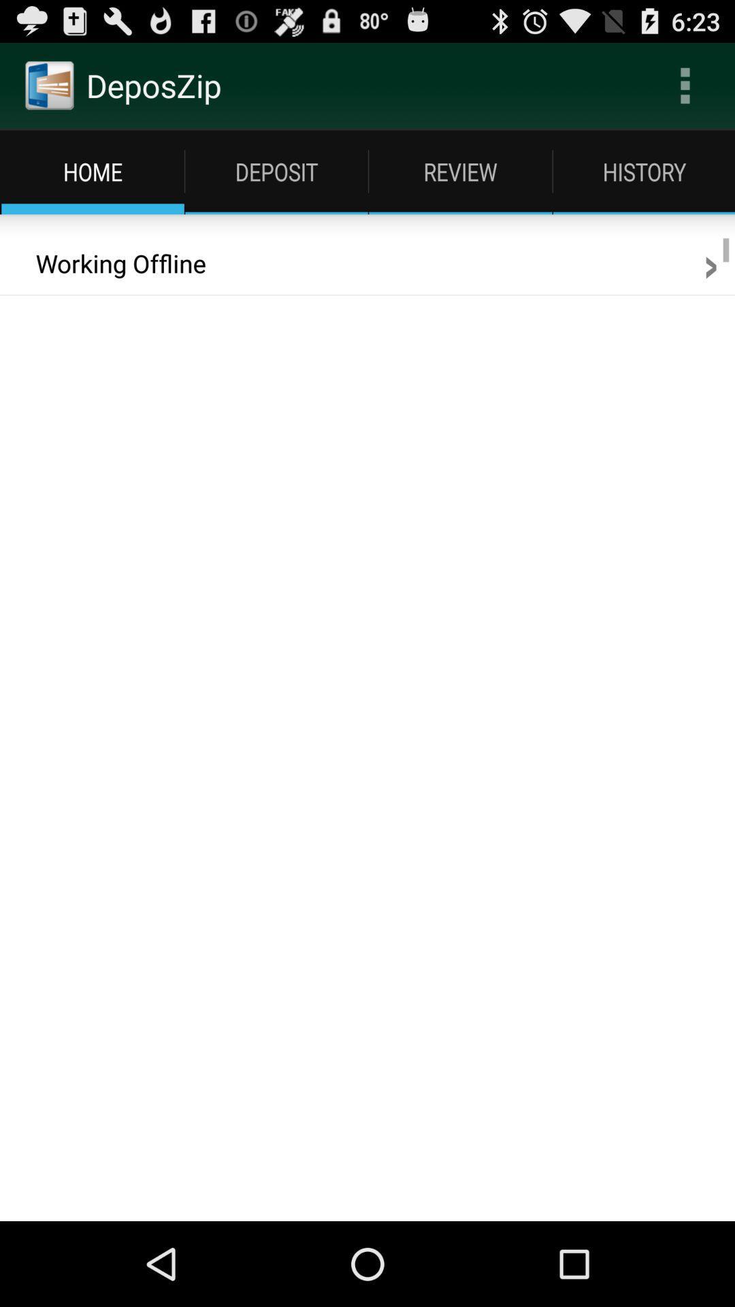 The image size is (735, 1307). What do you see at coordinates (685, 84) in the screenshot?
I see `the item above the history icon` at bounding box center [685, 84].